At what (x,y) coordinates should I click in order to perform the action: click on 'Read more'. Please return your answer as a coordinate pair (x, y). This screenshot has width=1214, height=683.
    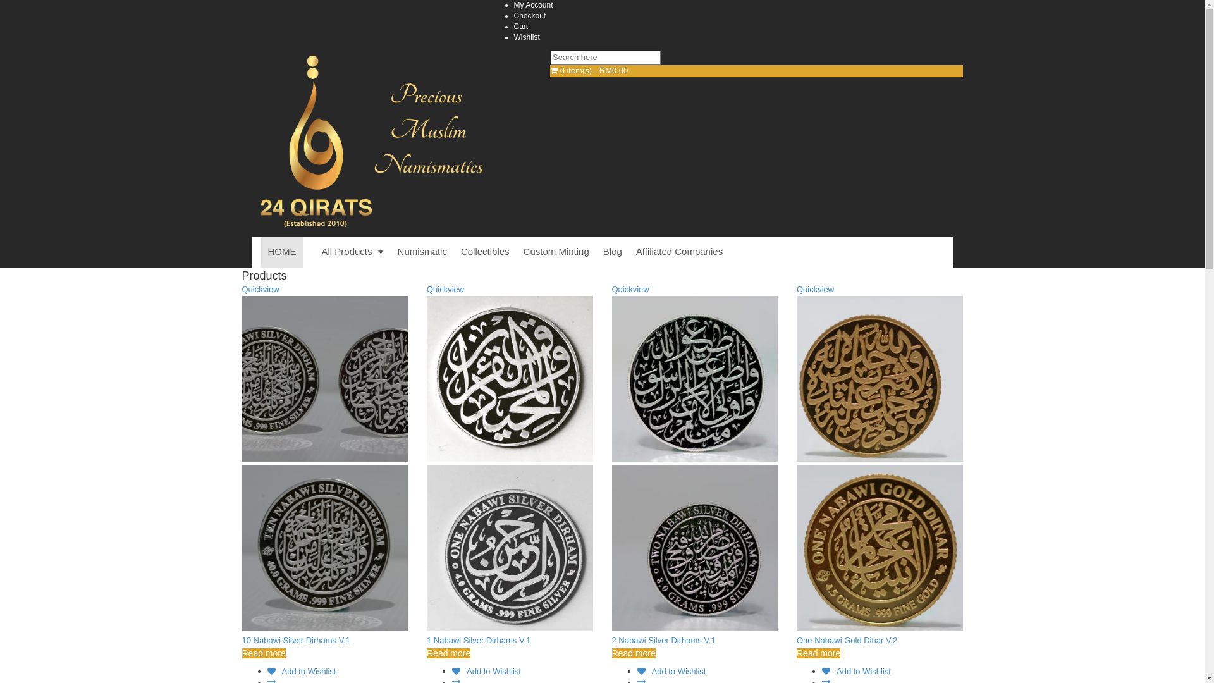
    Looking at the image, I should click on (262, 653).